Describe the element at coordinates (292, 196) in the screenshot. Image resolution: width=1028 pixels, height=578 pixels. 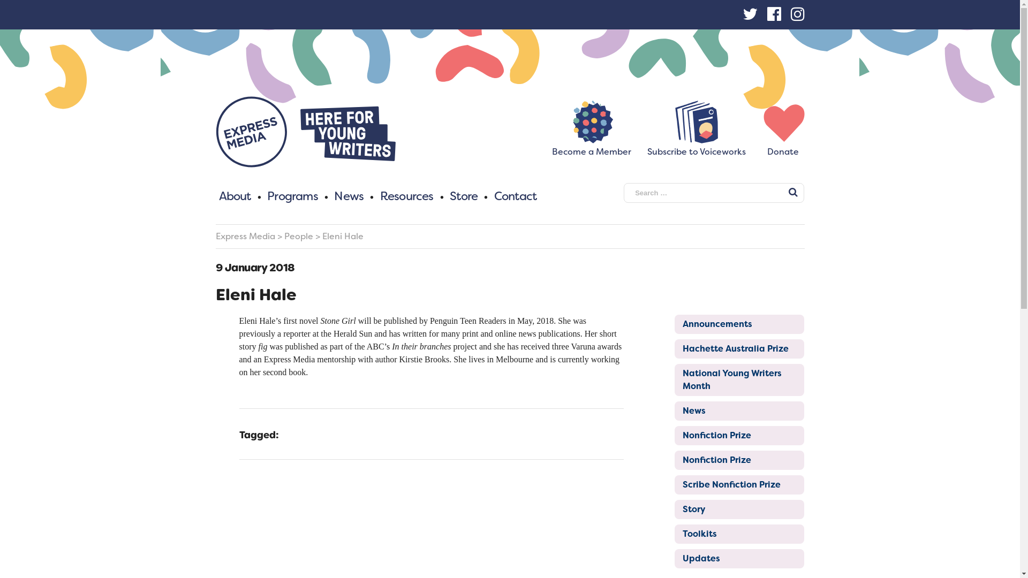
I see `'Programs'` at that location.